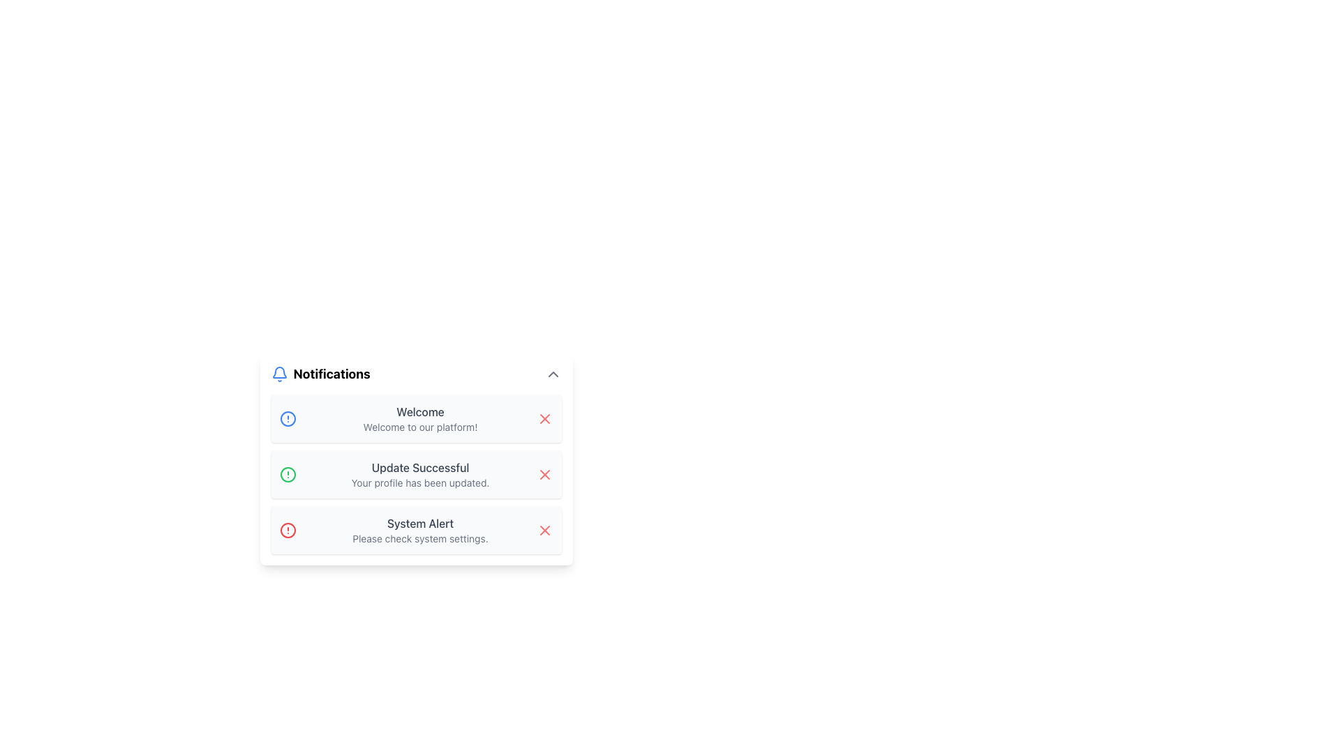  I want to click on the Notification Status Icon located to the left of the text 'Welcome' in the first notification item of the notification list, so click(287, 418).